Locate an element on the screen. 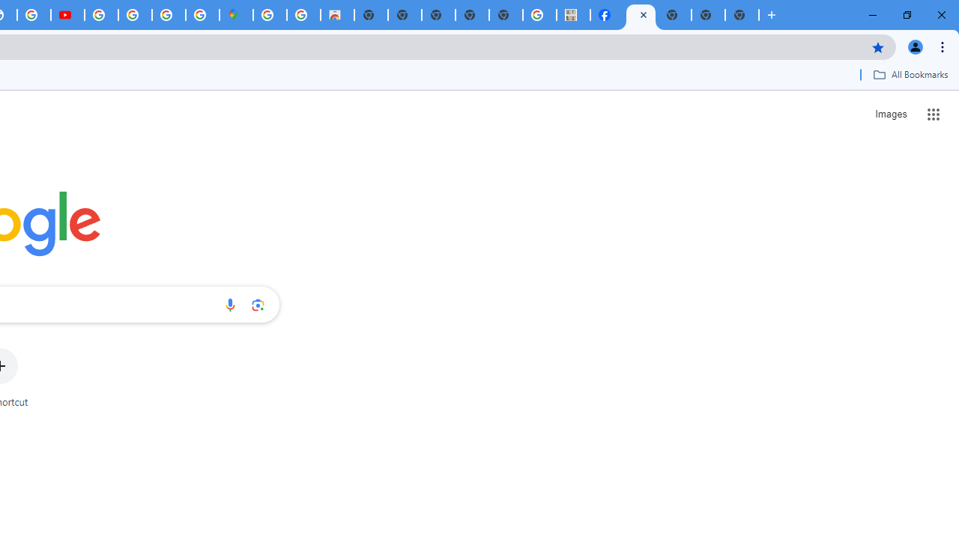 The image size is (959, 539). 'Chrome Web Store - Shopping' is located at coordinates (336, 15).